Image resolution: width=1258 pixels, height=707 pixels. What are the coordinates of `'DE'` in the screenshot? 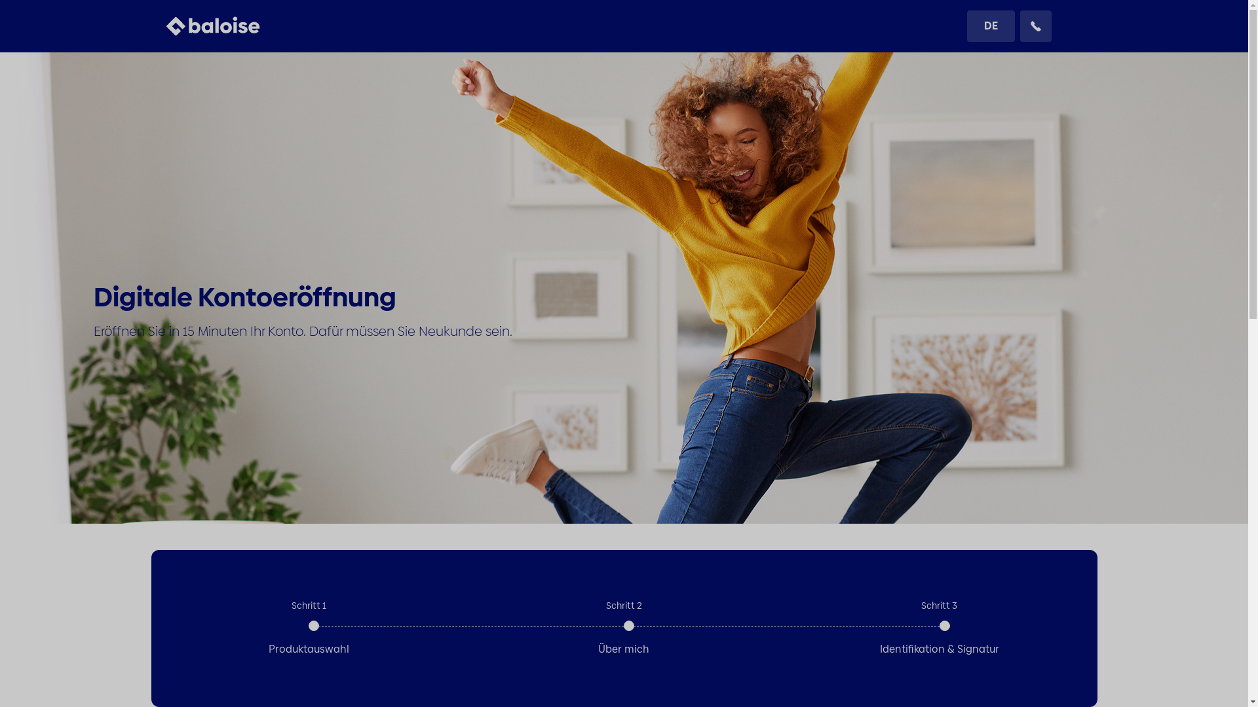 It's located at (991, 26).